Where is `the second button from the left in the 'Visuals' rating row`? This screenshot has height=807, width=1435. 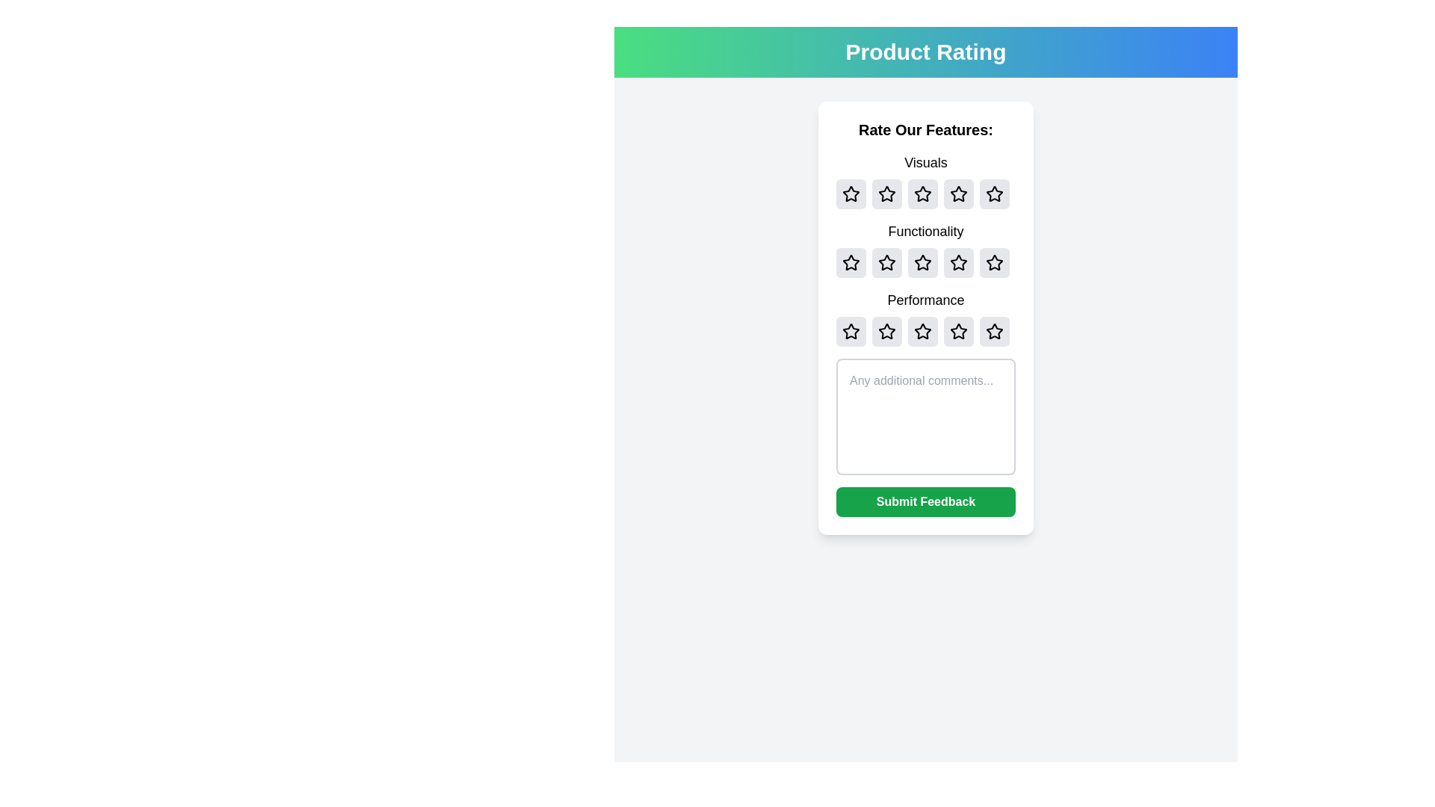
the second button from the left in the 'Visuals' rating row is located at coordinates (886, 193).